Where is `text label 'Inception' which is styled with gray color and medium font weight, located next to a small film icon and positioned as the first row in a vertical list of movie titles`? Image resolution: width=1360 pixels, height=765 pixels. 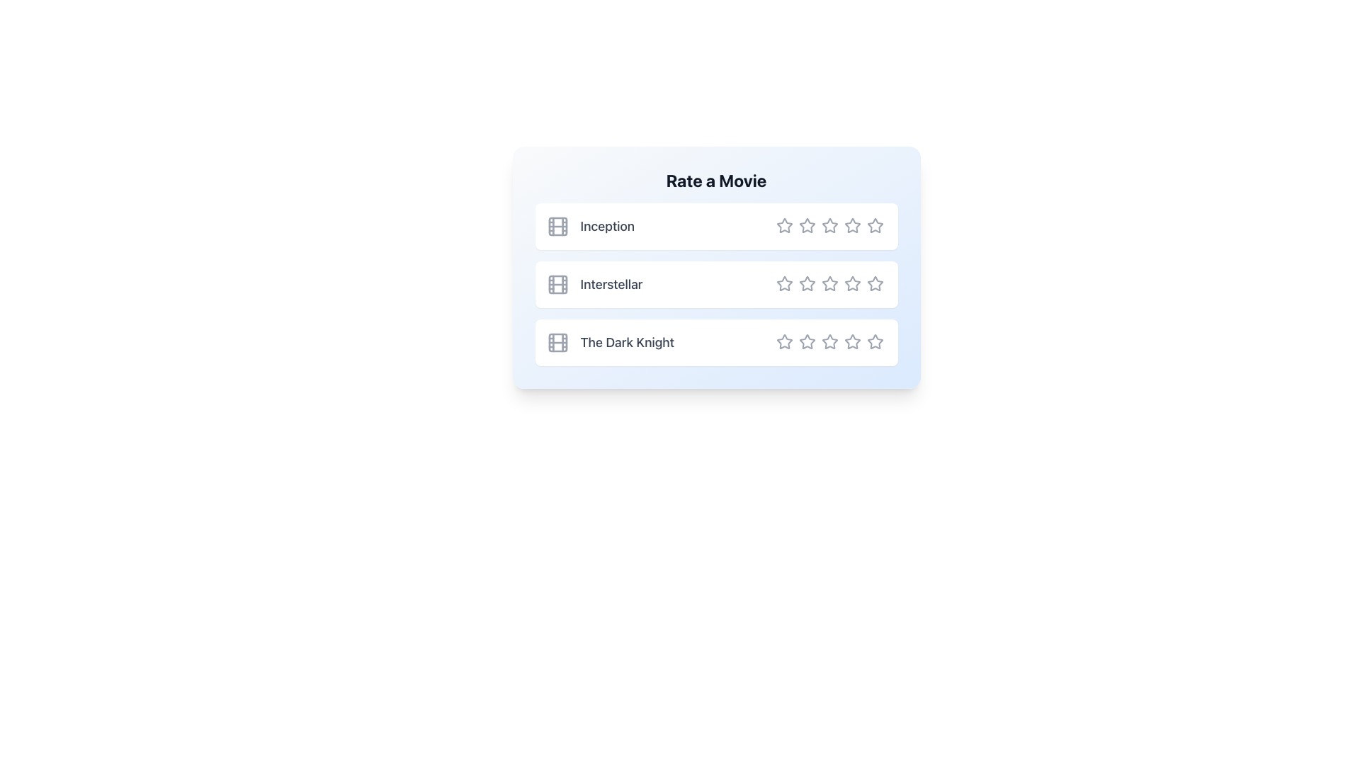
text label 'Inception' which is styled with gray color and medium font weight, located next to a small film icon and positioned as the first row in a vertical list of movie titles is located at coordinates (590, 226).